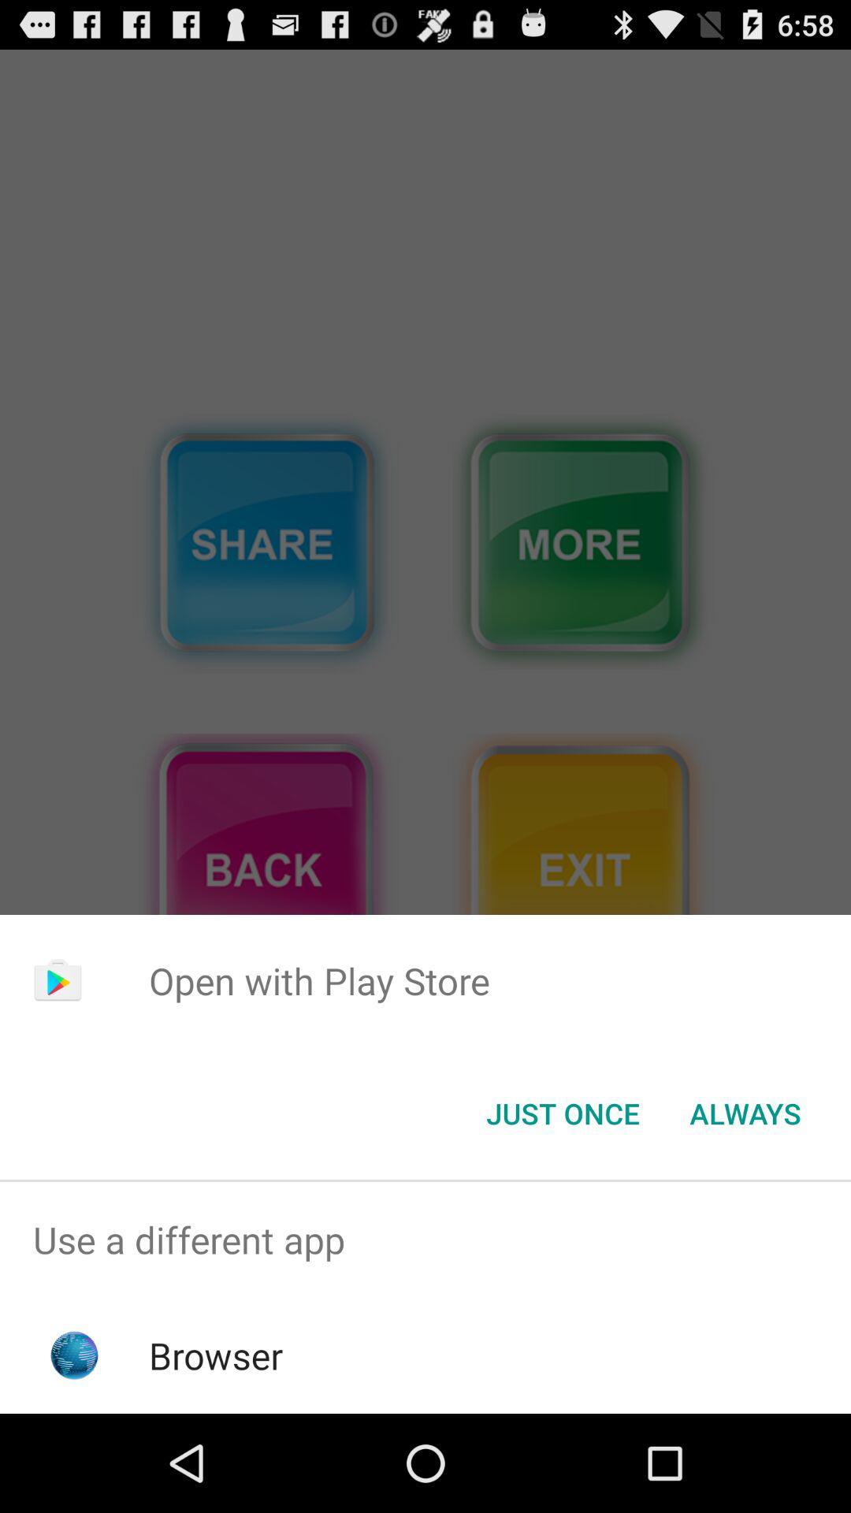  I want to click on the just once icon, so click(562, 1112).